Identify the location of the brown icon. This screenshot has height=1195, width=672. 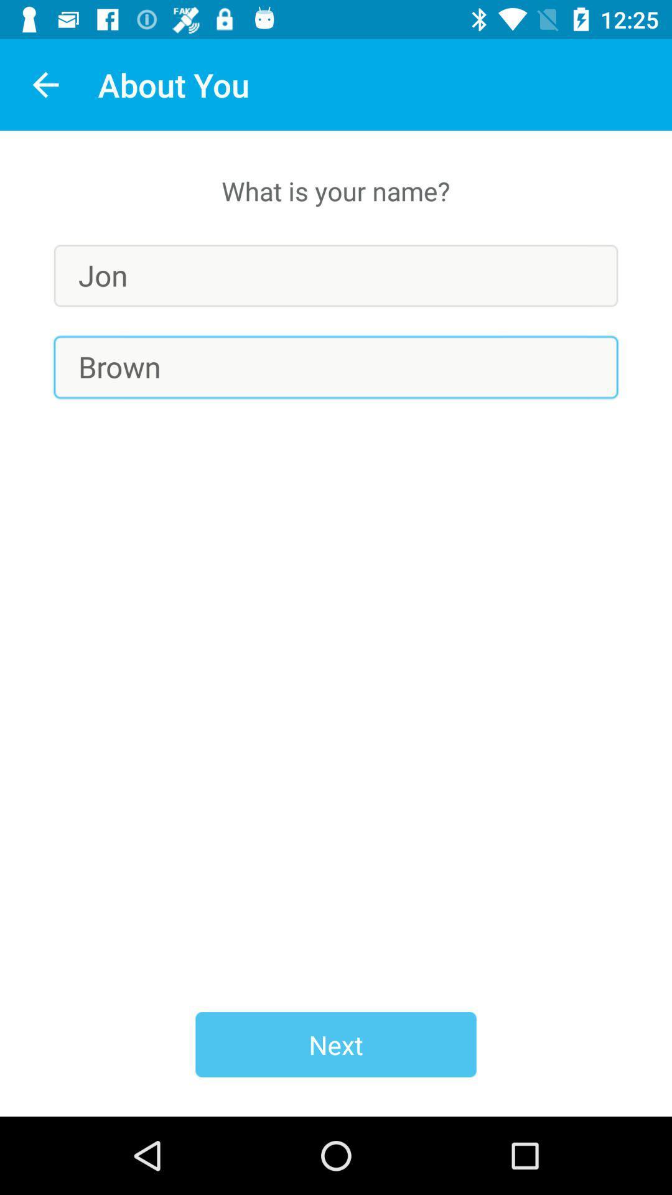
(336, 367).